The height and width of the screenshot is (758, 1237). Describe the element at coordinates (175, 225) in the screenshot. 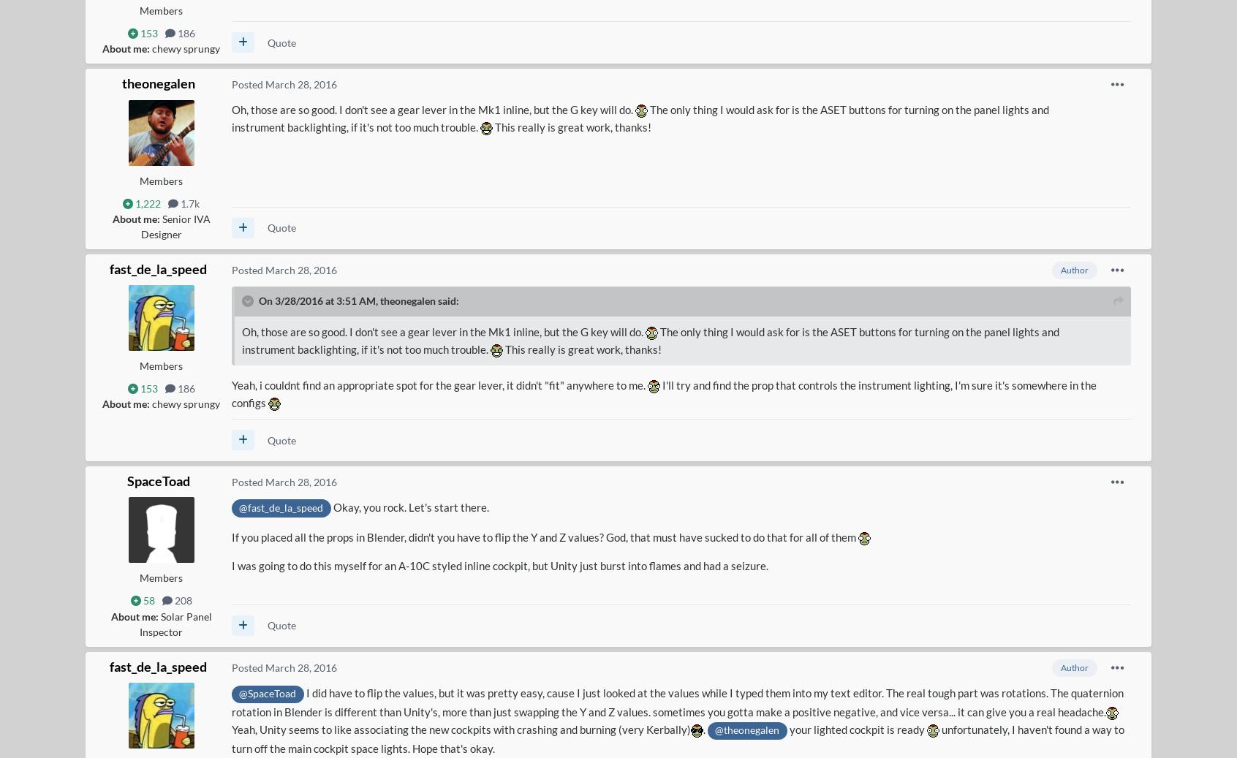

I see `'Senior IVA Designer'` at that location.